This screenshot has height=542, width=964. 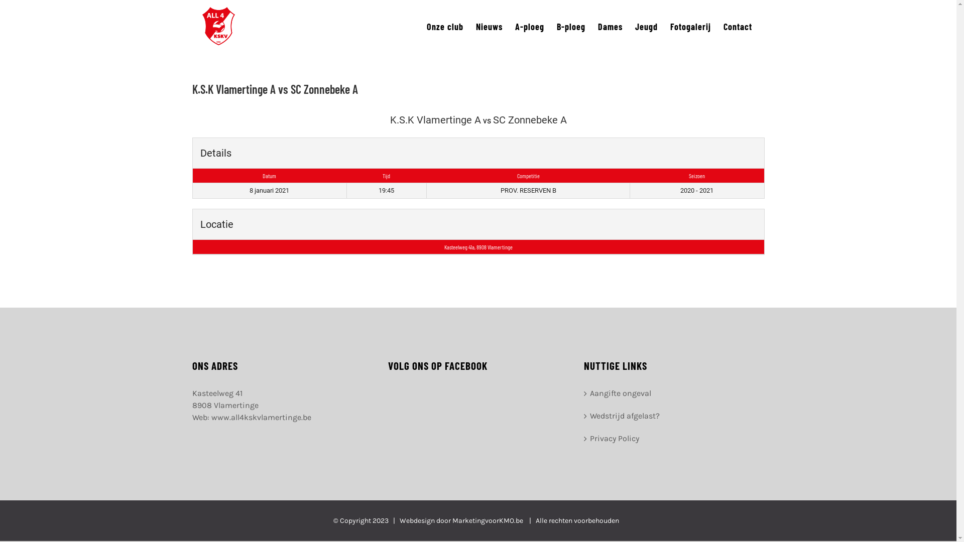 I want to click on 'Nieuws', so click(x=489, y=26).